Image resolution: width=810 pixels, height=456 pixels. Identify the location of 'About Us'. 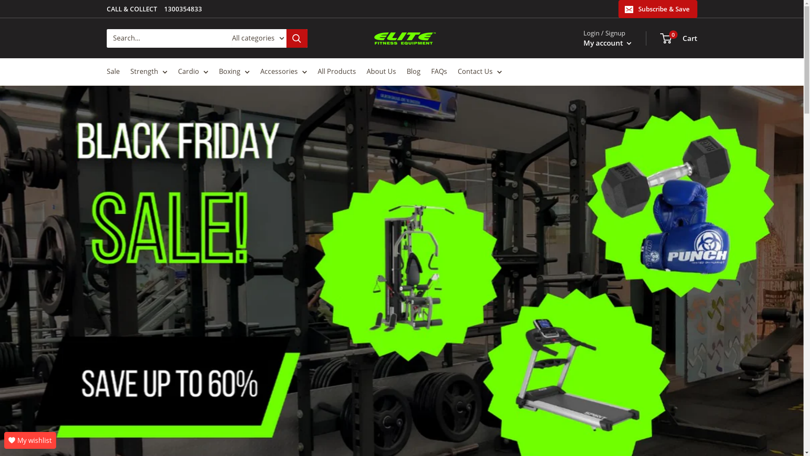
(380, 71).